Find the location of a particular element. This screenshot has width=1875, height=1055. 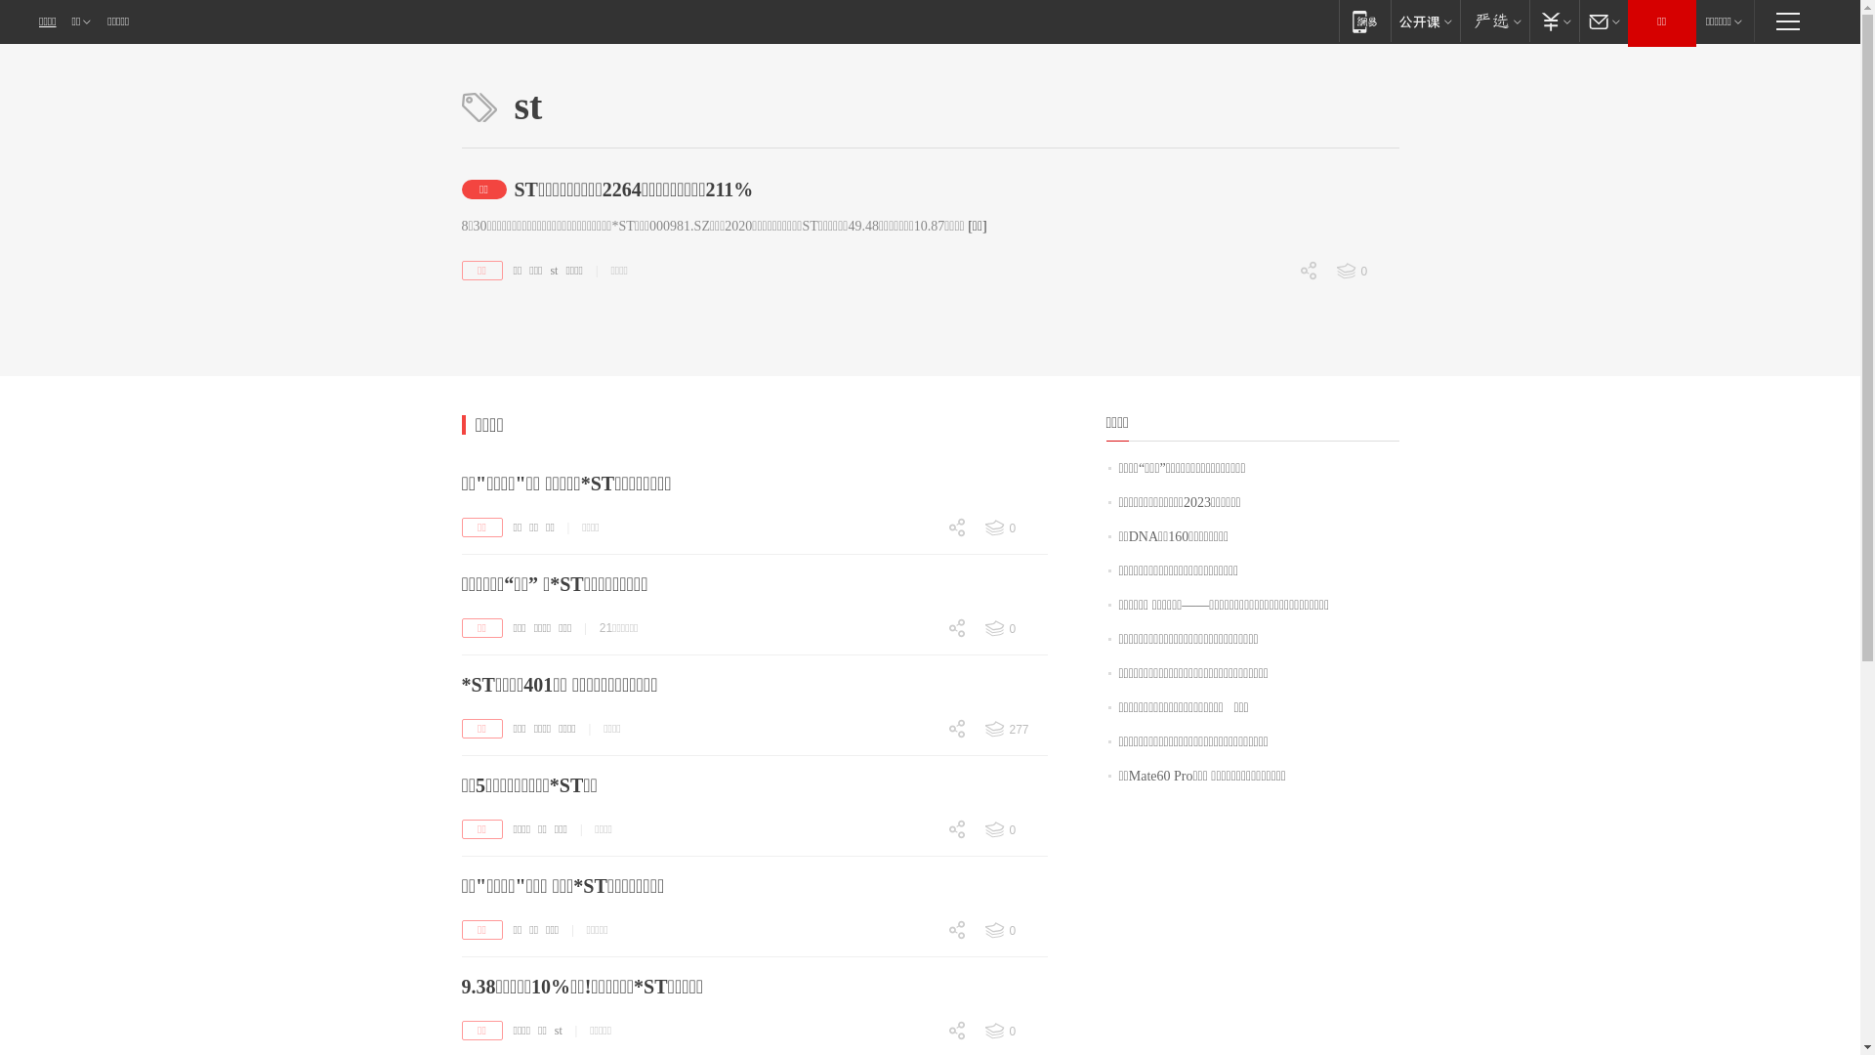

'0' is located at coordinates (1014, 929).